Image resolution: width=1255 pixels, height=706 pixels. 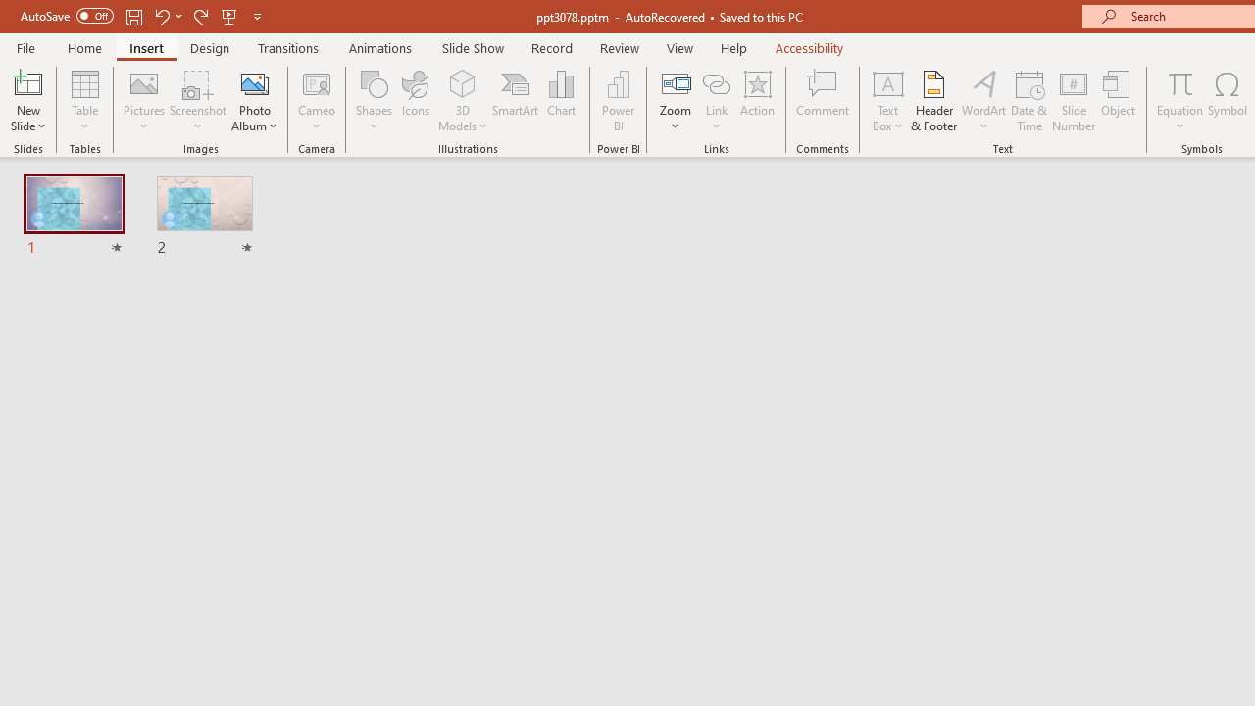 What do you see at coordinates (317, 101) in the screenshot?
I see `'Cameo'` at bounding box center [317, 101].